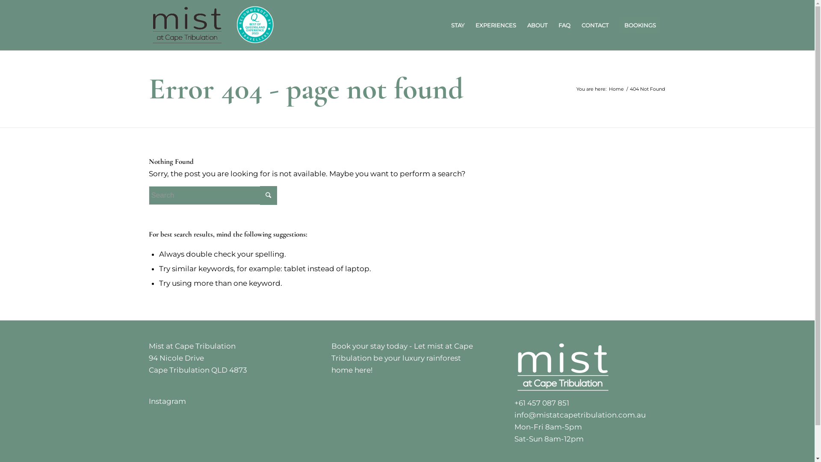 This screenshot has height=462, width=821. Describe the element at coordinates (616, 89) in the screenshot. I see `'Home'` at that location.